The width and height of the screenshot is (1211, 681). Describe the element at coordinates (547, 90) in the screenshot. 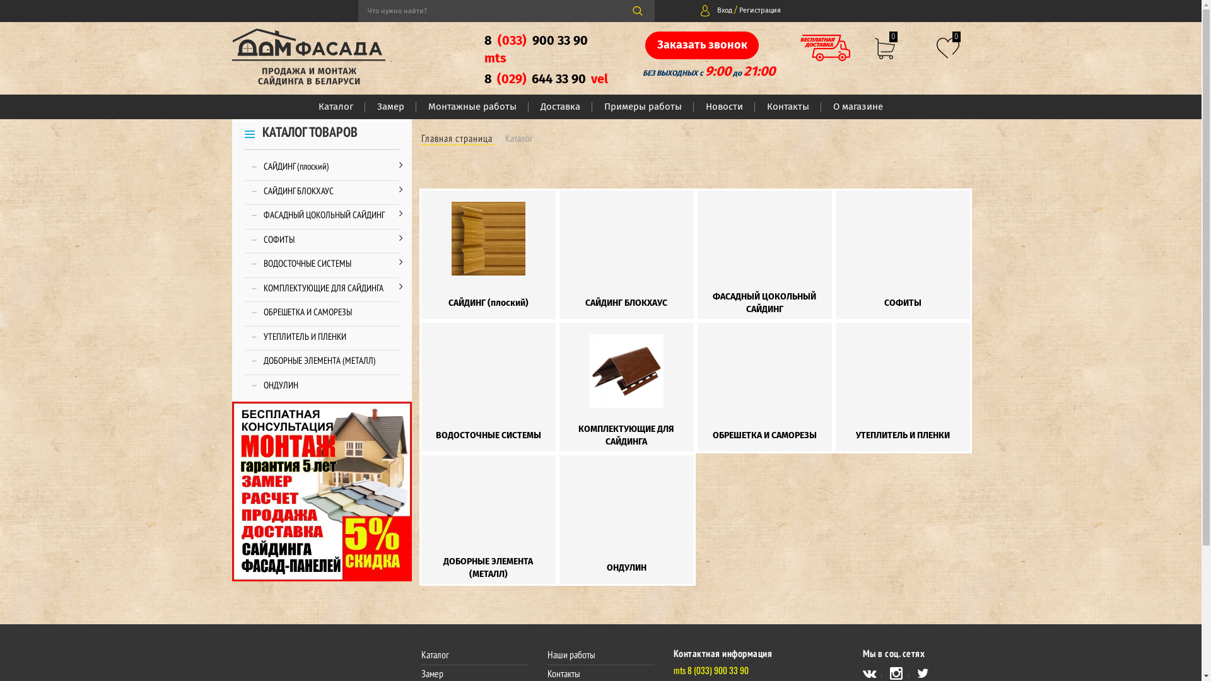

I see `'8  (029)  644 33 90  vel'` at that location.